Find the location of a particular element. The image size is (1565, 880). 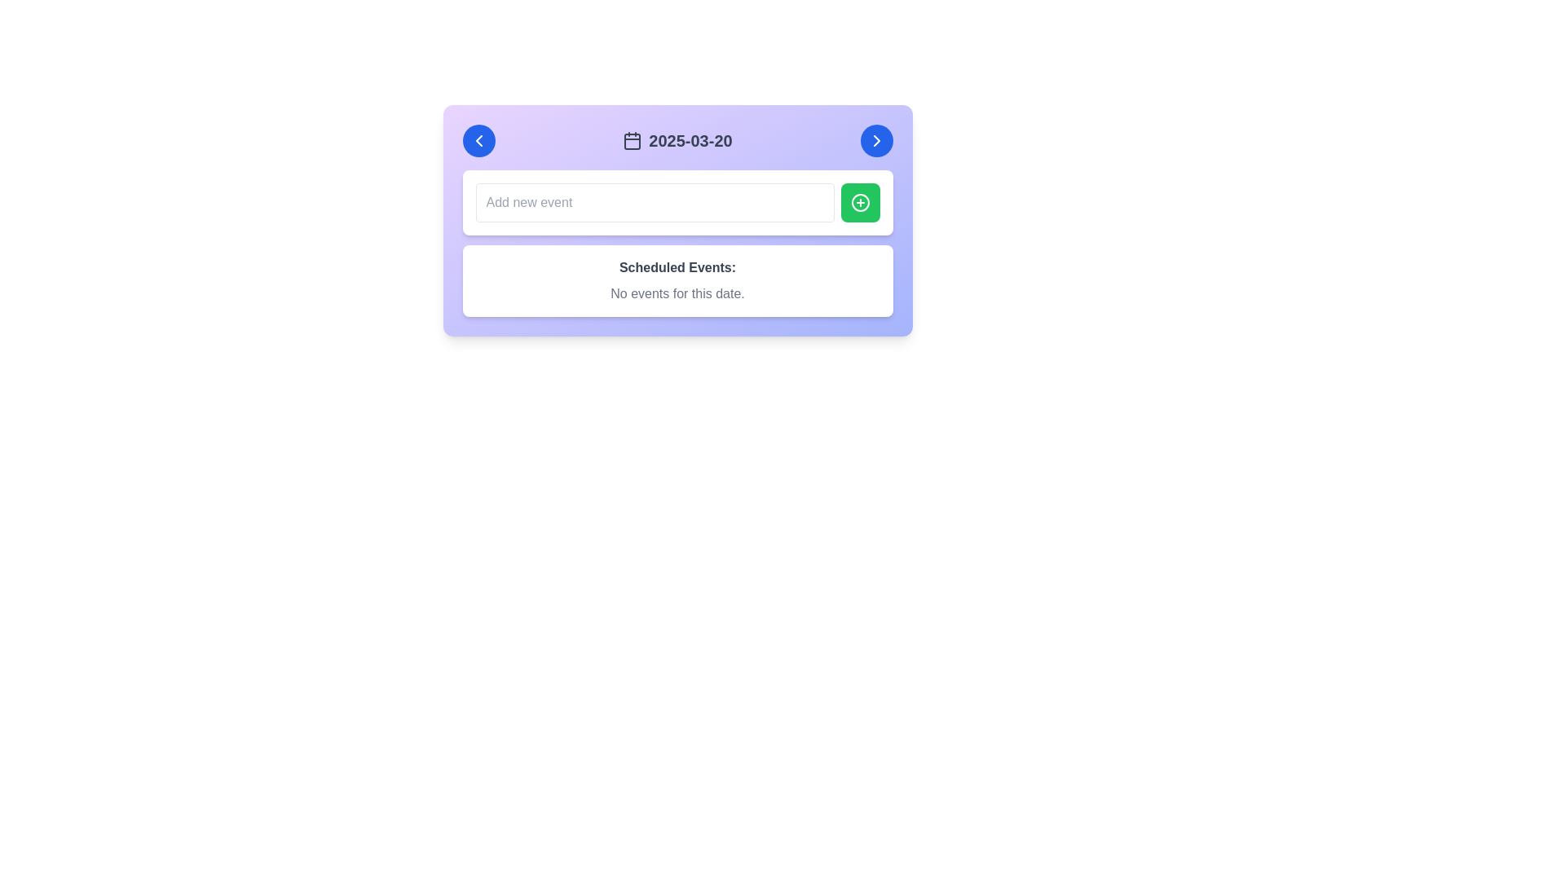

the green rounded button used for adding new items, located to the right of the 'Add new event' input field is located at coordinates (859, 202).